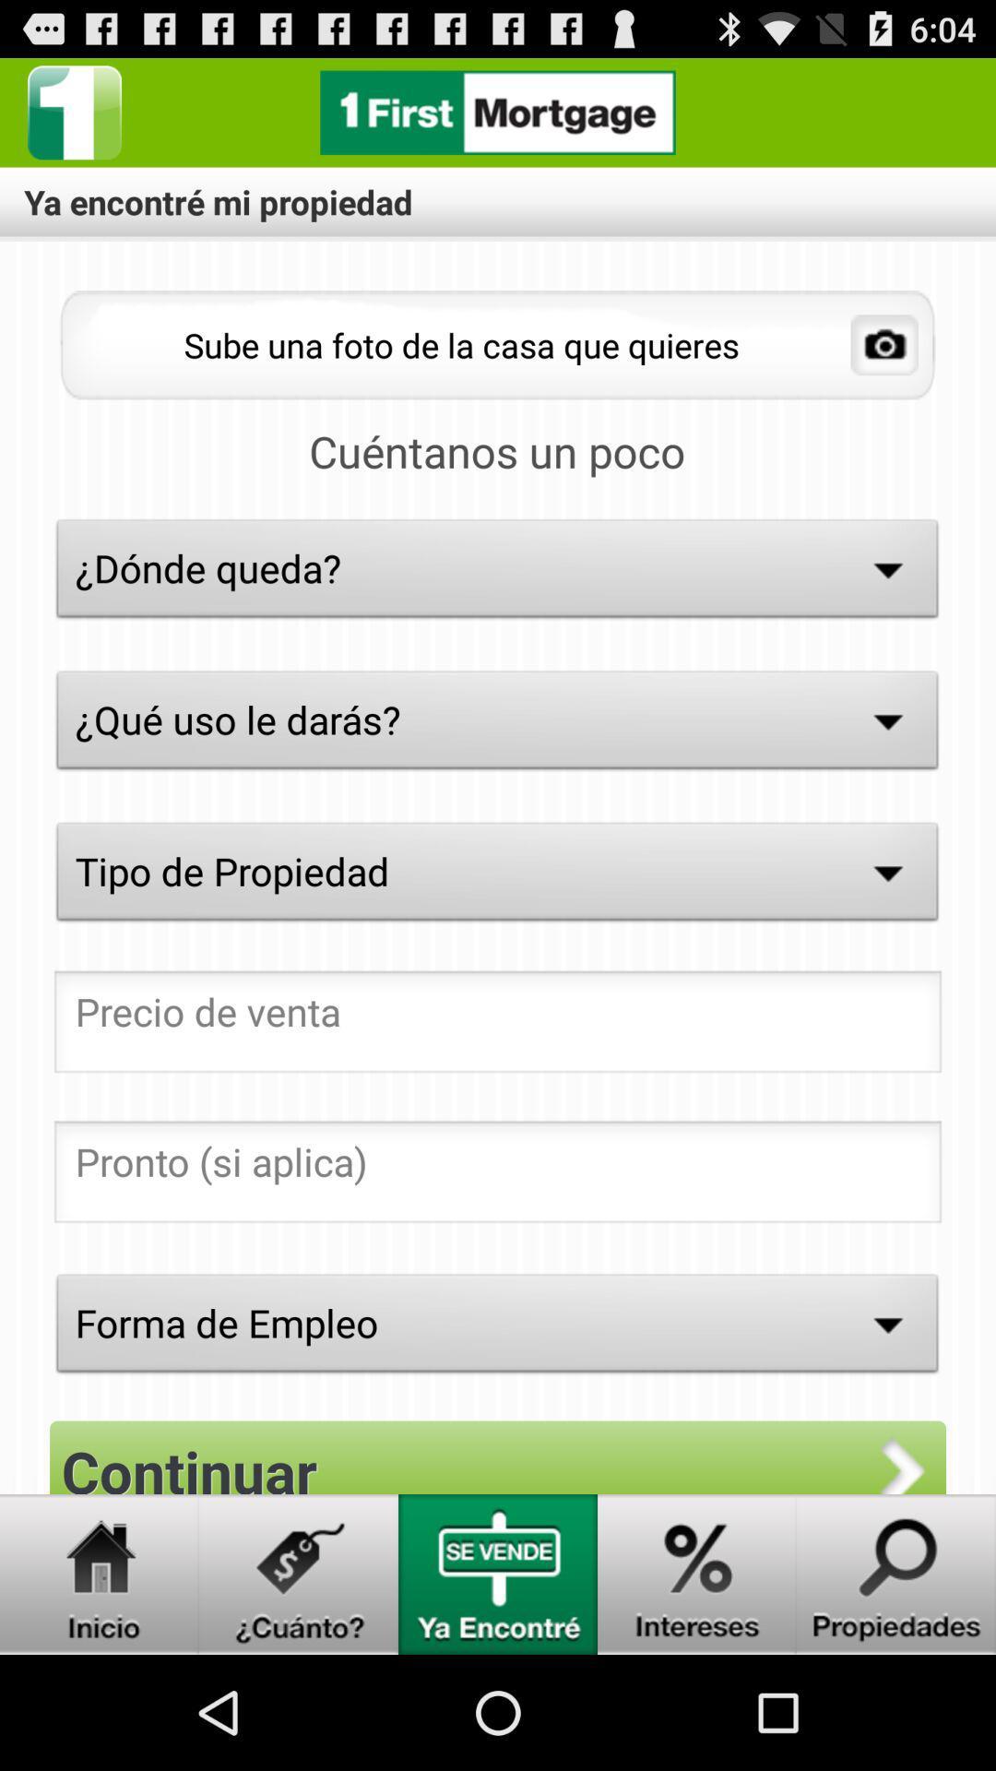  What do you see at coordinates (697, 1684) in the screenshot?
I see `the flight icon` at bounding box center [697, 1684].